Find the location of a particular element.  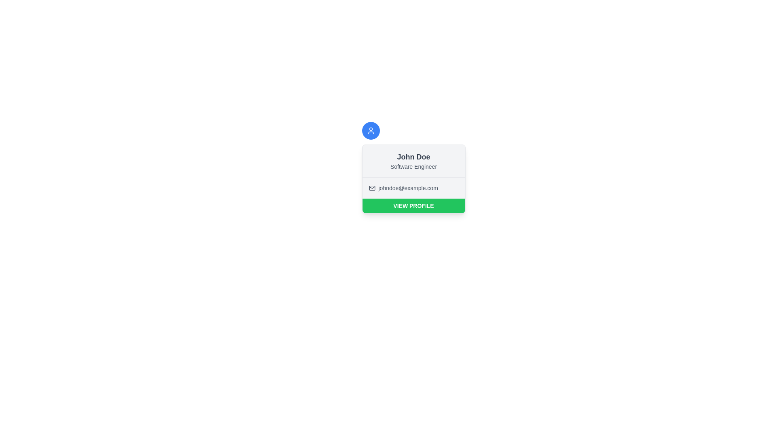

the envelope icon representing email located to the left of the text 'johndoe@example.com' in the user information card is located at coordinates (371, 188).